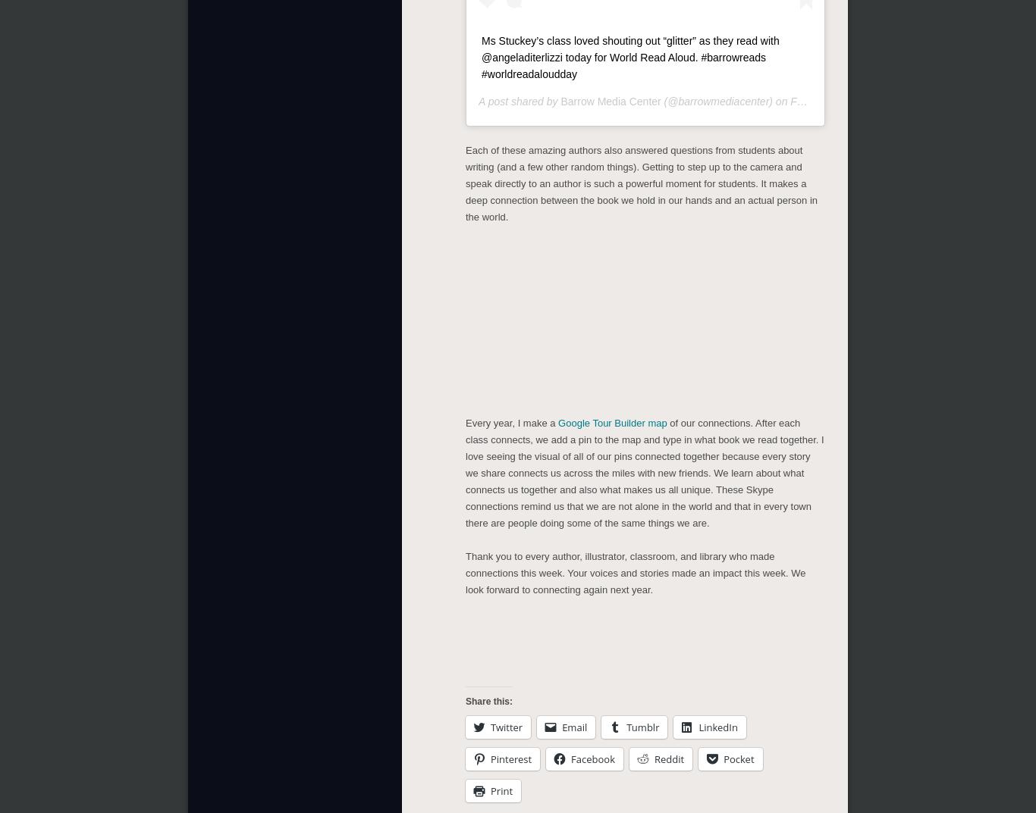  Describe the element at coordinates (738, 755) in the screenshot. I see `'Pocket'` at that location.